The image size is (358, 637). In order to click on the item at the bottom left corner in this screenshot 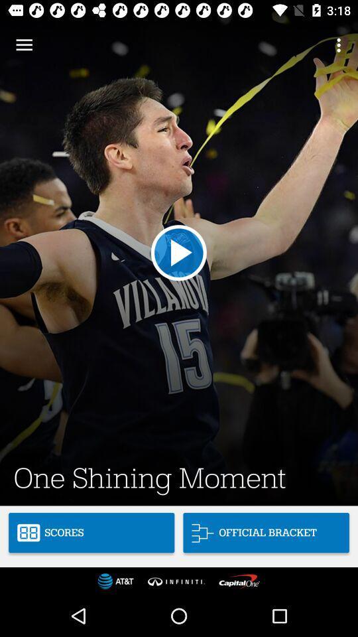, I will do `click(91, 533)`.